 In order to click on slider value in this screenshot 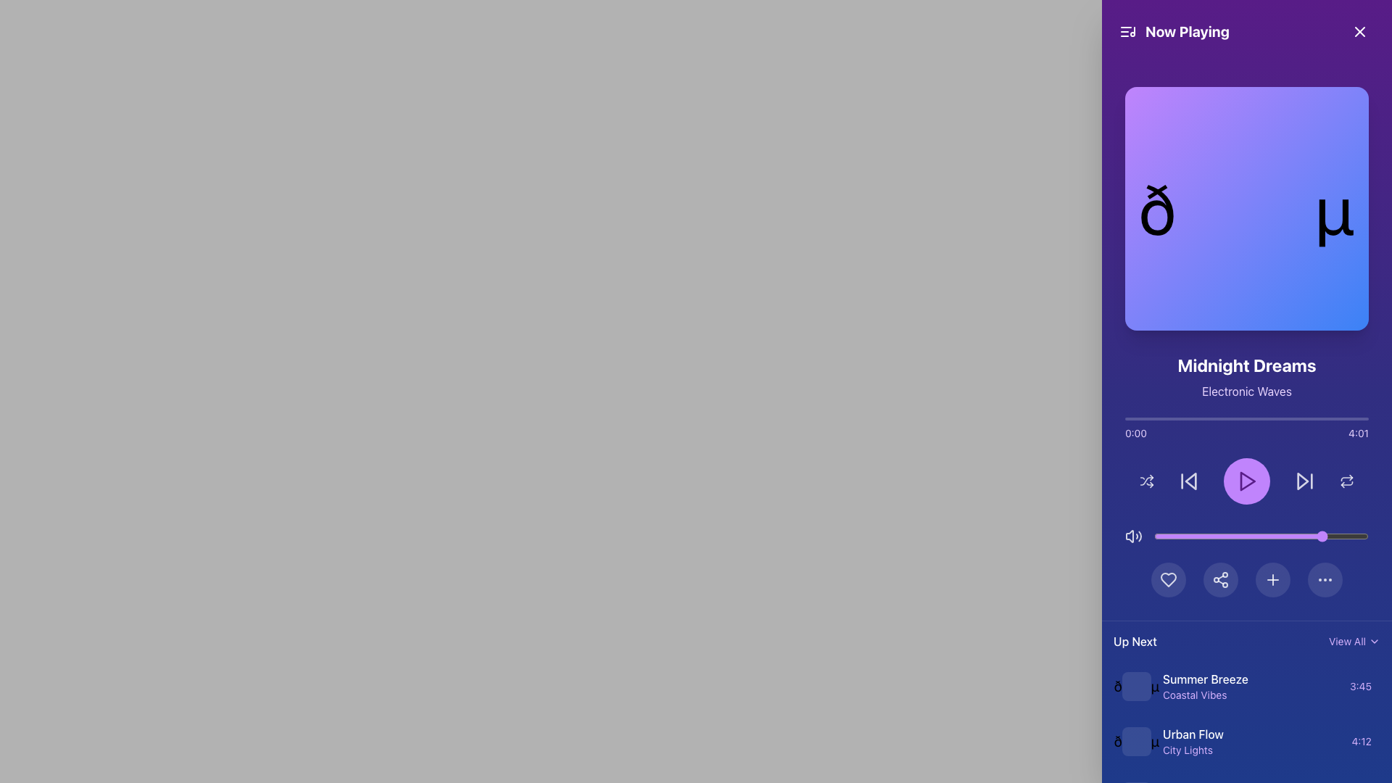, I will do `click(1228, 536)`.